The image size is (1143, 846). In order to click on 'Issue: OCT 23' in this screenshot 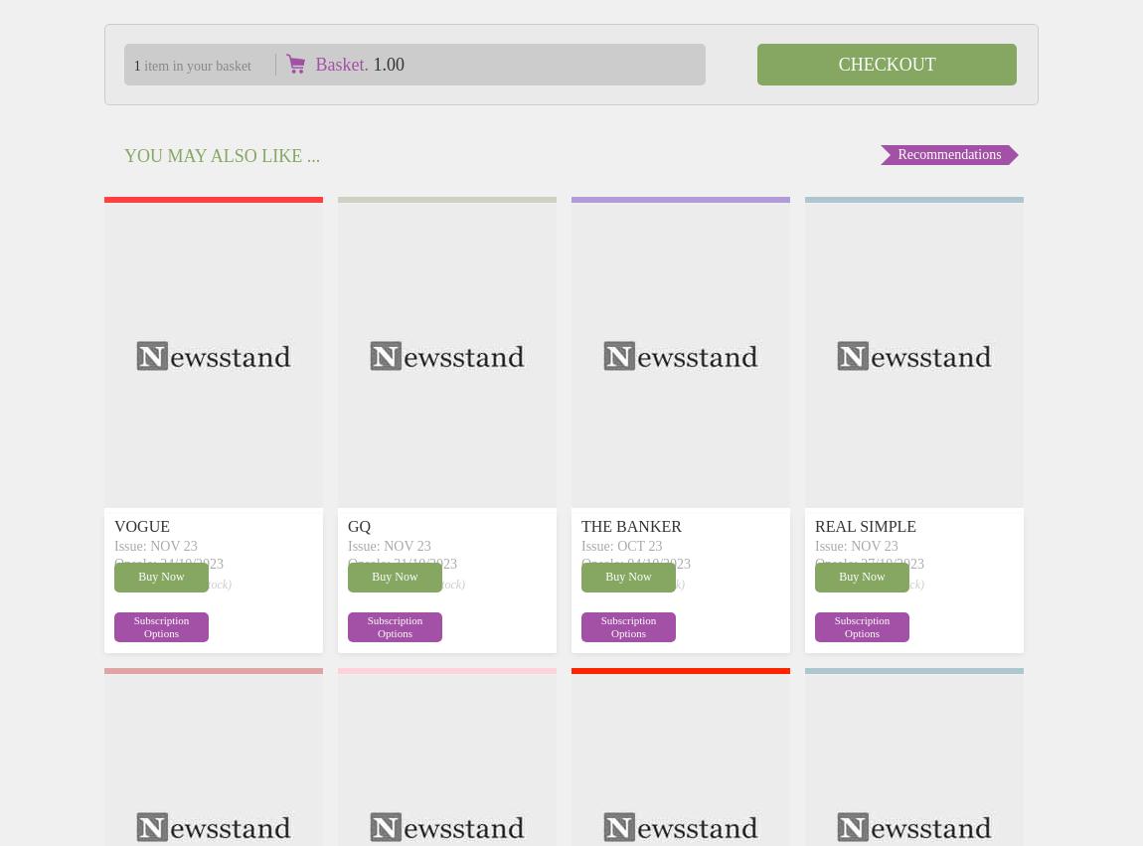, I will do `click(620, 544)`.